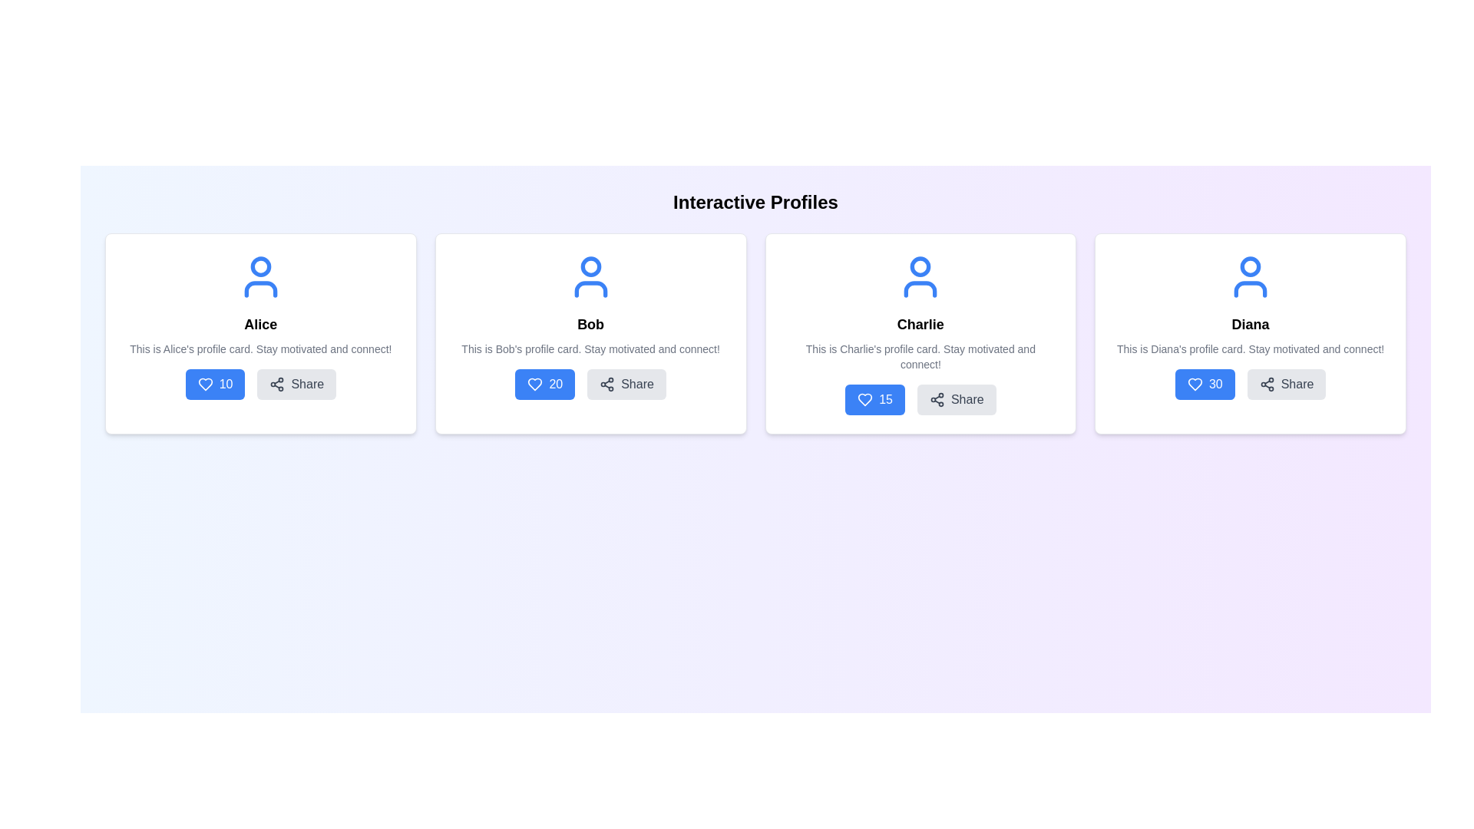  What do you see at coordinates (875, 398) in the screenshot?
I see `the rectangular blue button with white text '15' and a heart icon, located in the lower-left section of the 'Charlie' profile card` at bounding box center [875, 398].